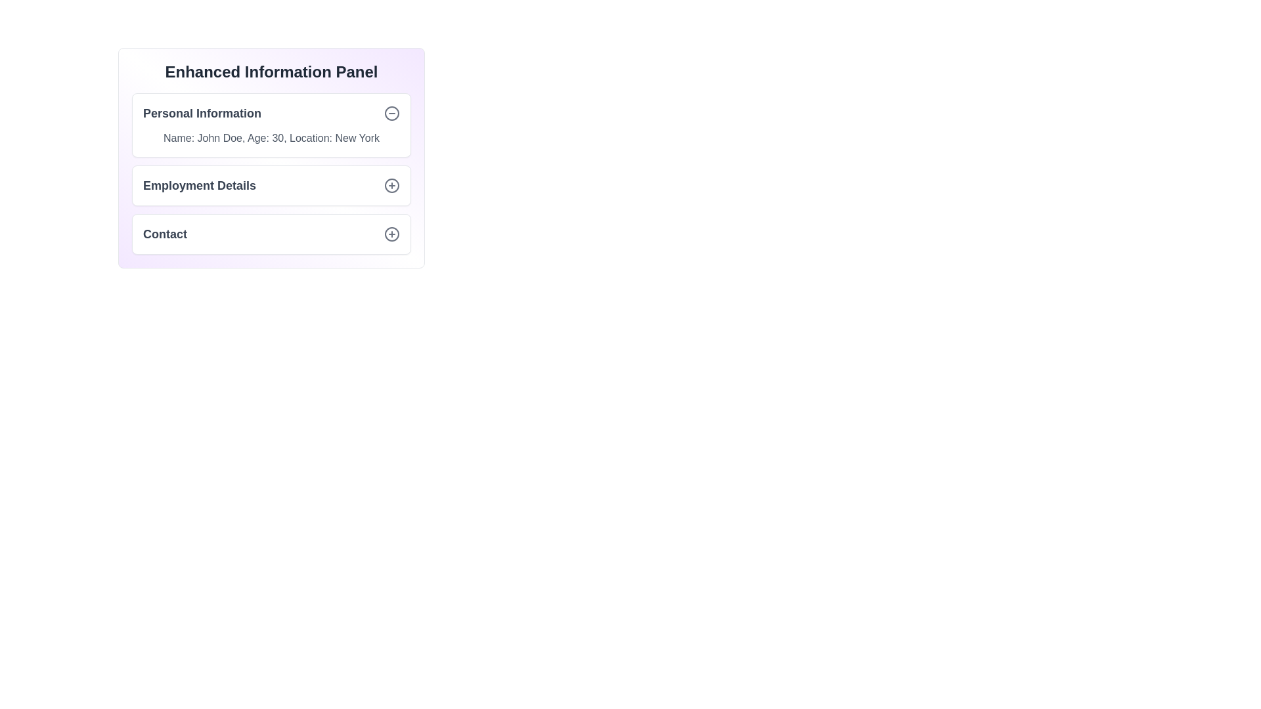 The width and height of the screenshot is (1261, 709). Describe the element at coordinates (201, 113) in the screenshot. I see `the 'Personal Information' text label, which is styled in a bold, larger-sized font and is dark gray in color, serving as a heading in the 'Enhanced Information Panel.'` at that location.